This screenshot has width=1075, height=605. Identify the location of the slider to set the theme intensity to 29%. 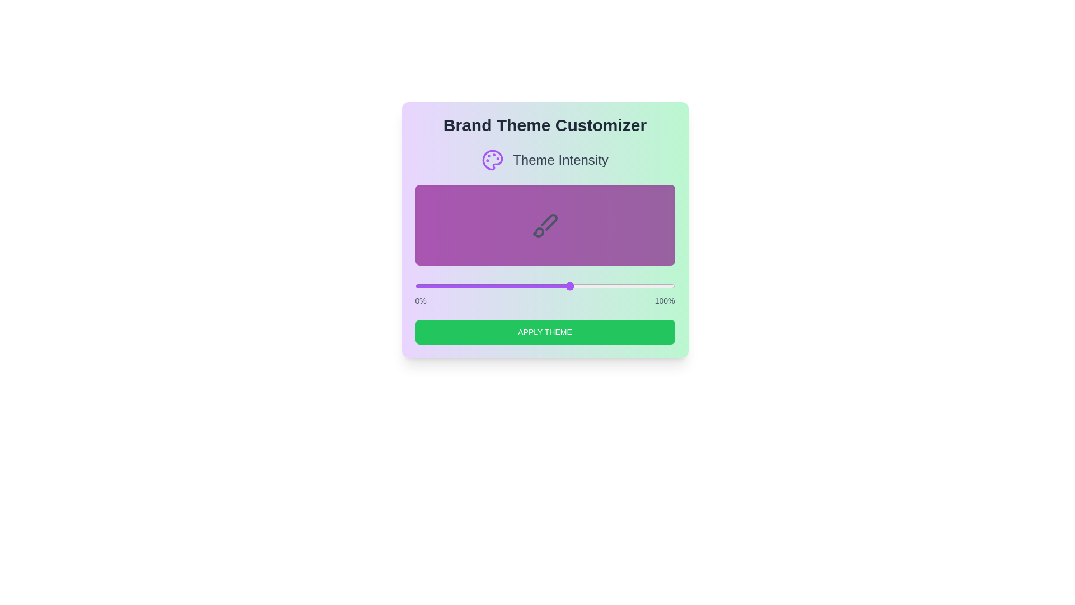
(490, 285).